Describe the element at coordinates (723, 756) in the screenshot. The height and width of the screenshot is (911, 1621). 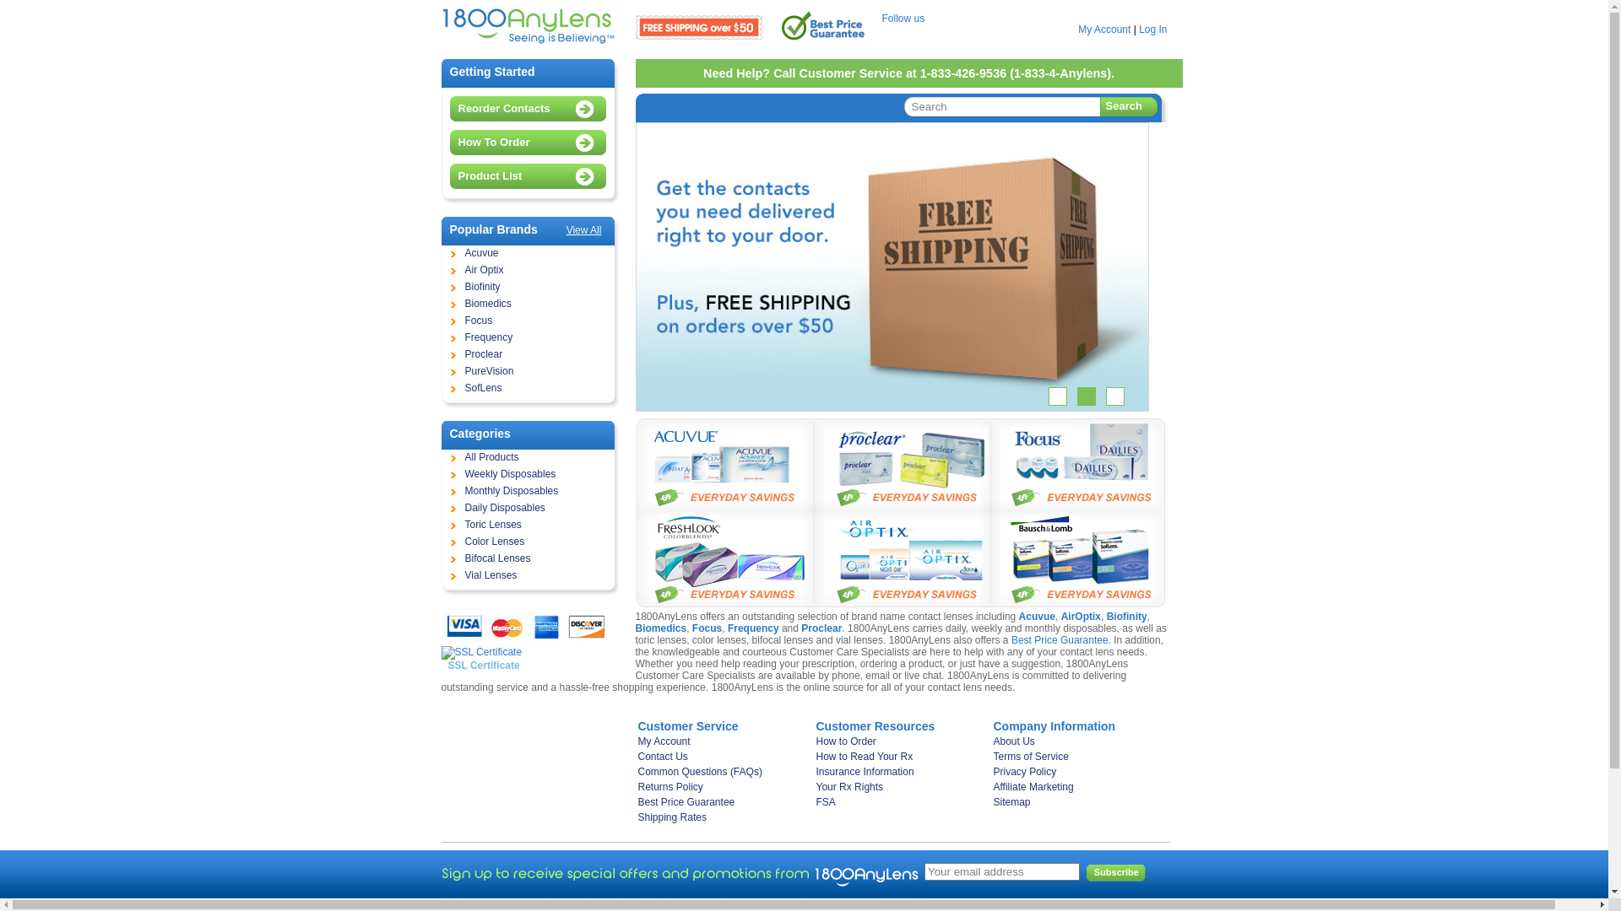
I see `'Contact Us'` at that location.